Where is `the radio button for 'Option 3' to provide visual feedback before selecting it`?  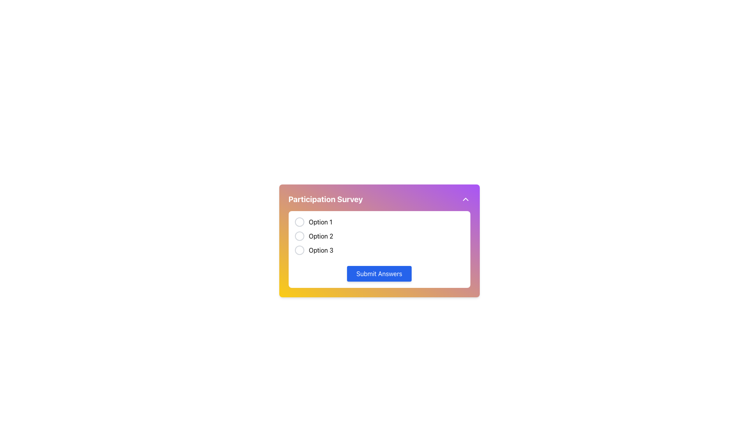
the radio button for 'Option 3' to provide visual feedback before selecting it is located at coordinates (299, 250).